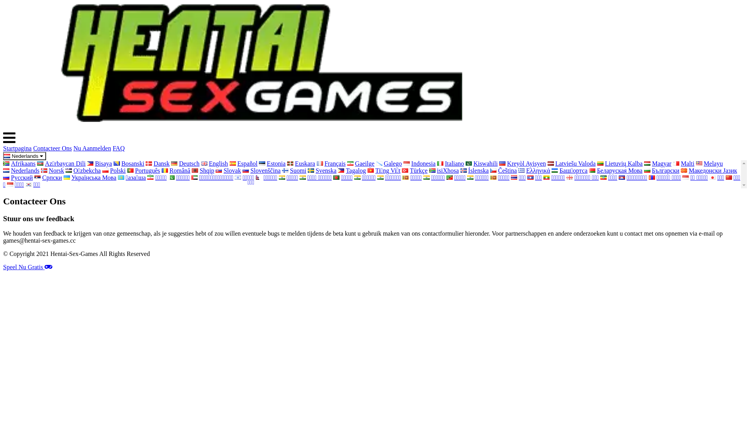 This screenshot has height=422, width=750. I want to click on 'Melayu', so click(709, 163).